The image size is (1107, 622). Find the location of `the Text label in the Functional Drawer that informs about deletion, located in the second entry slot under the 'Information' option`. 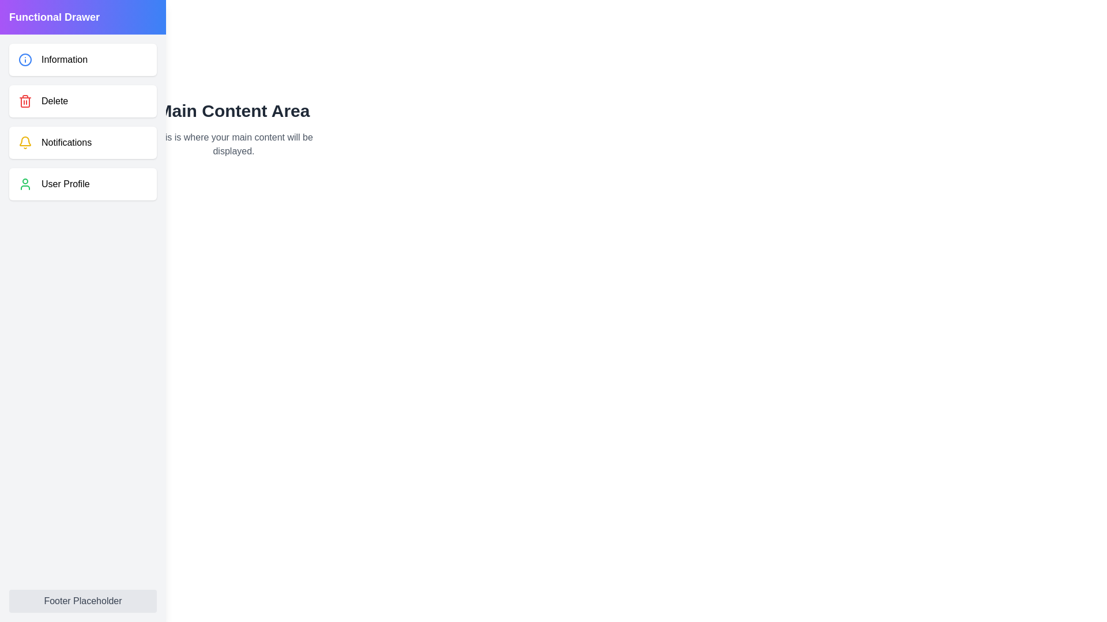

the Text label in the Functional Drawer that informs about deletion, located in the second entry slot under the 'Information' option is located at coordinates (54, 101).